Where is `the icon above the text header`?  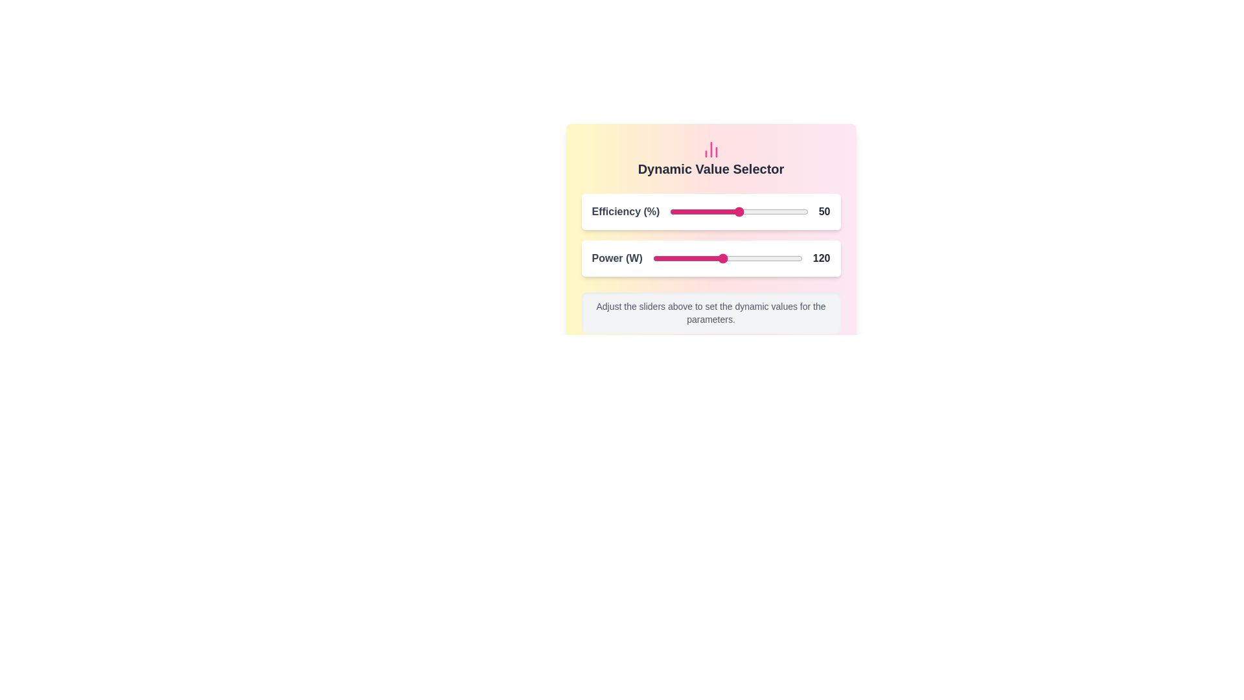 the icon above the text header is located at coordinates (710, 149).